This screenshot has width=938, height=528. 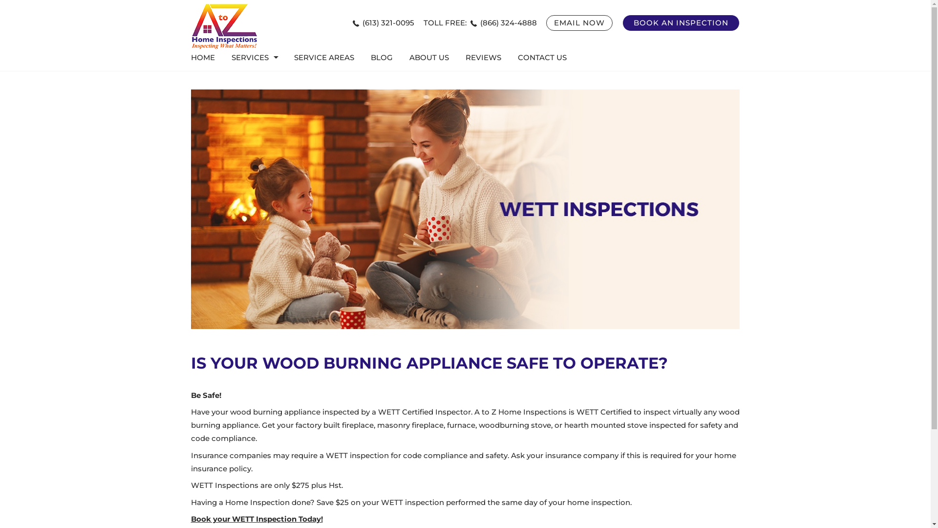 I want to click on 'ABOUT US', so click(x=429, y=57).